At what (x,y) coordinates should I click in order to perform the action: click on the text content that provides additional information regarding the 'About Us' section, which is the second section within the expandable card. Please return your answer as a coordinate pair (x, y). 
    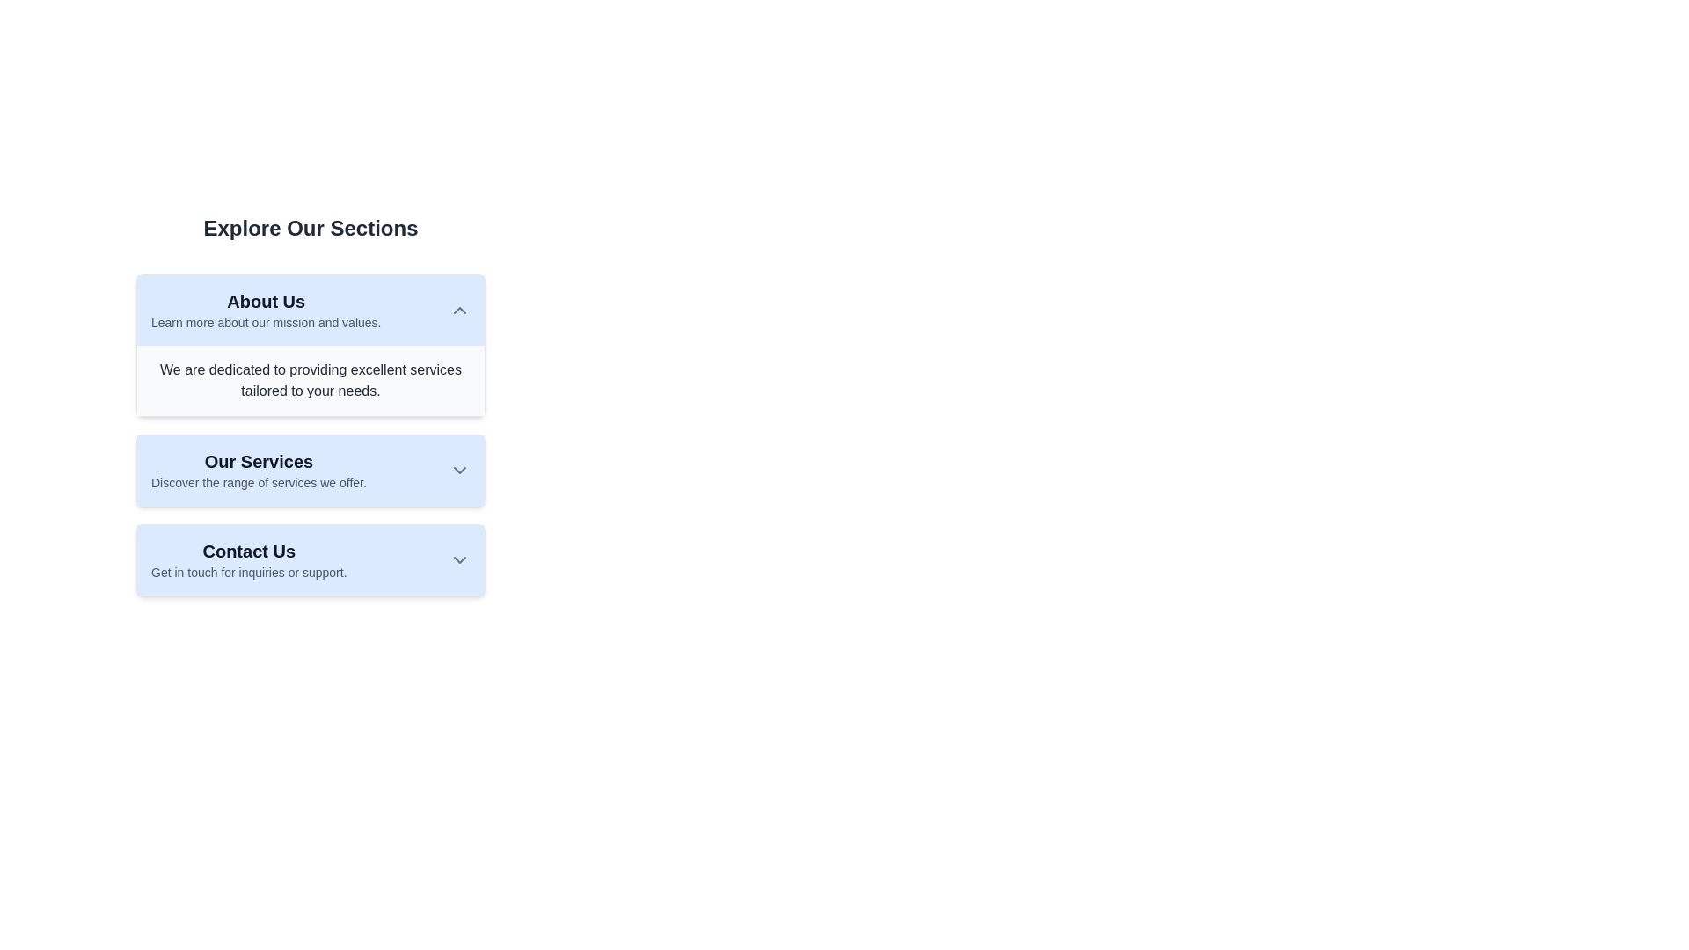
    Looking at the image, I should click on (311, 398).